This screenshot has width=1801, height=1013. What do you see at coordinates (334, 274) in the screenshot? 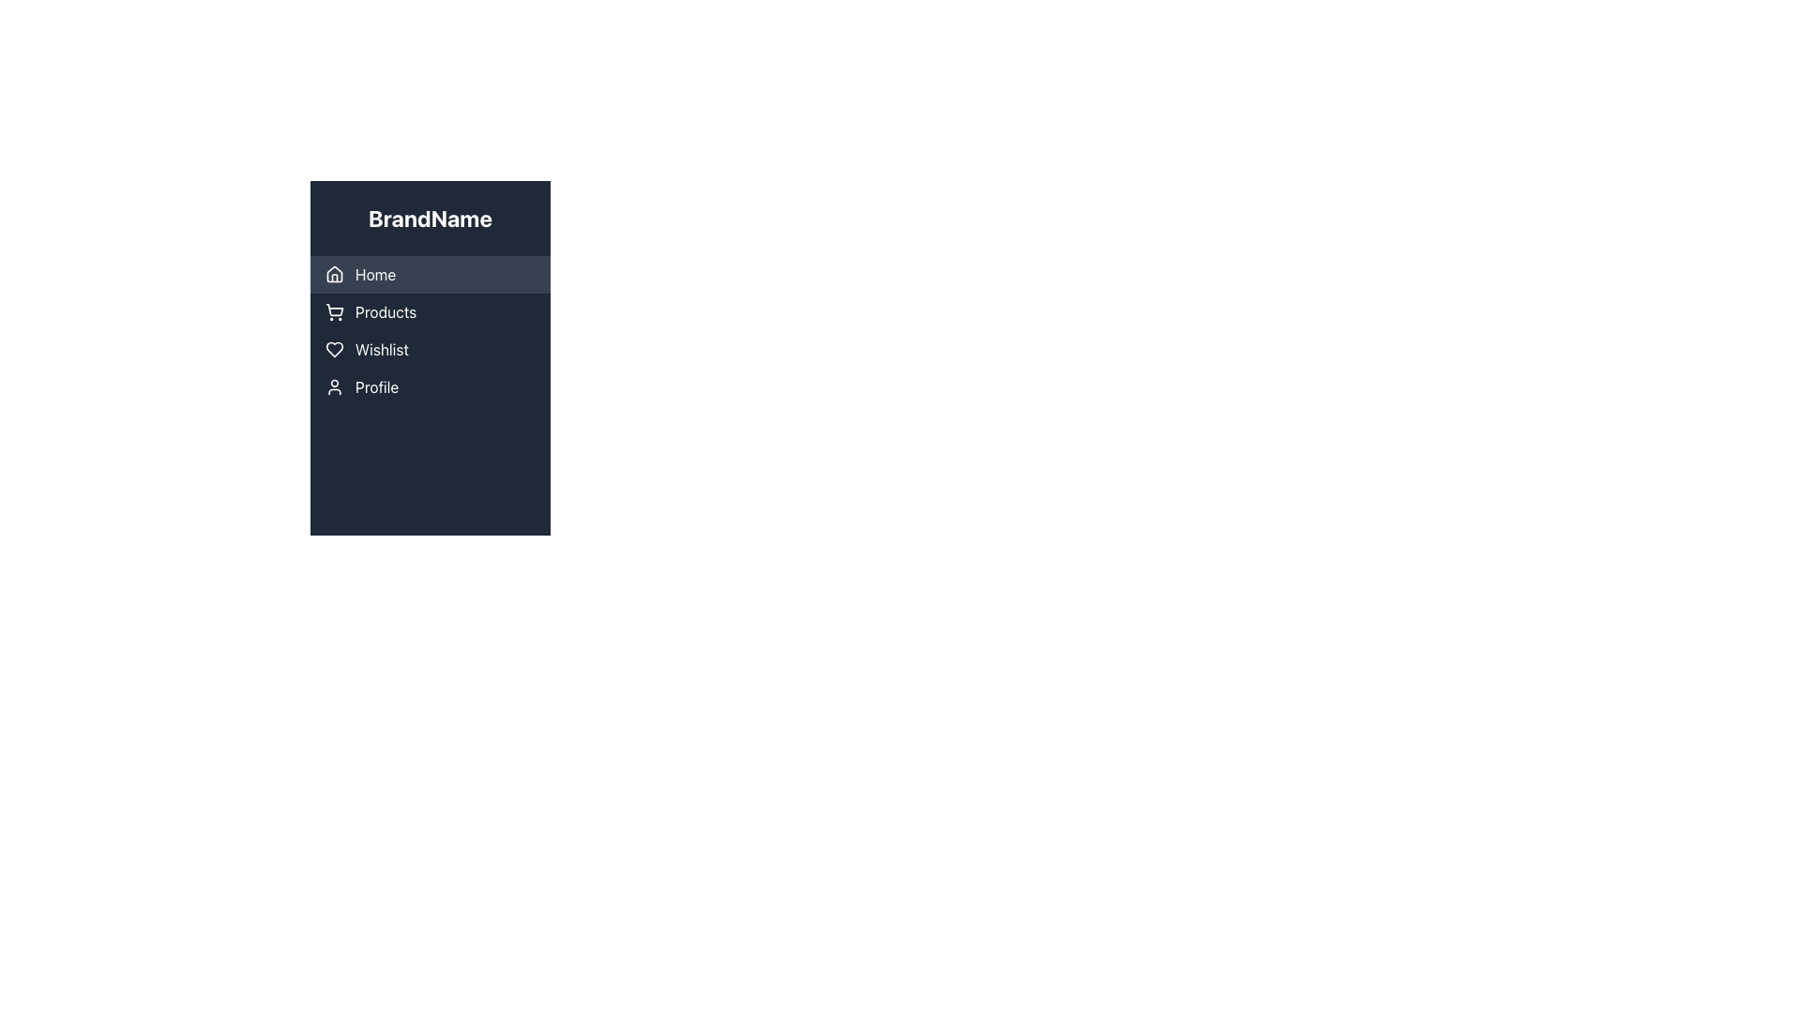
I see `the house icon located in the navigation menu, characterized by its geometric house shape with a triangular roof and a rectangular base, situated to the left of the 'Home' label` at bounding box center [334, 274].